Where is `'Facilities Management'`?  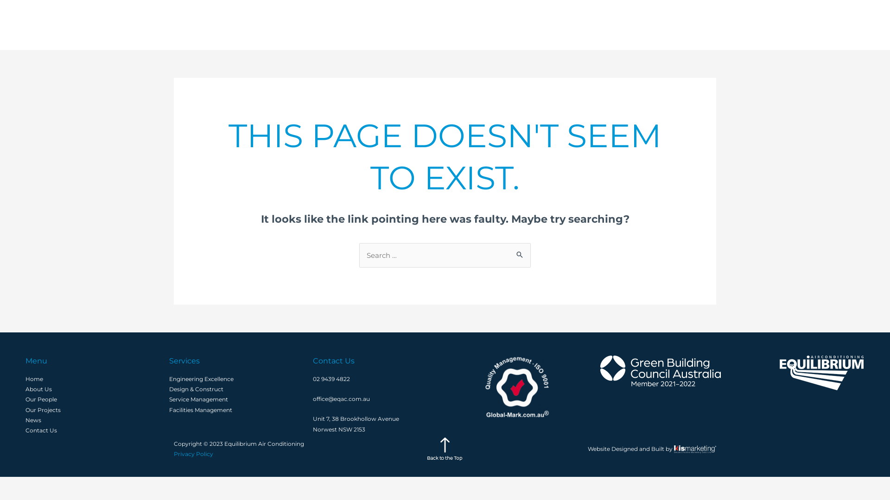
'Facilities Management' is located at coordinates (200, 409).